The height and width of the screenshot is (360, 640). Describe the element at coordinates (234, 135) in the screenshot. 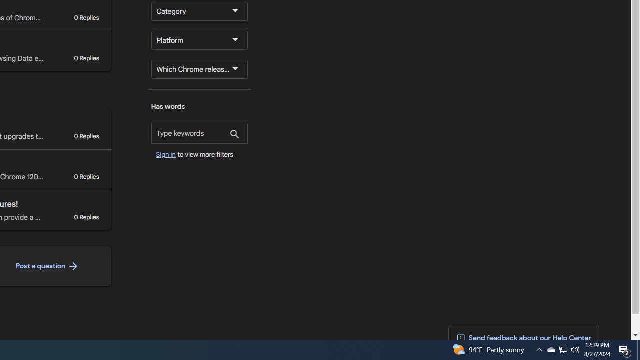

I see `' Apply filter '` at that location.